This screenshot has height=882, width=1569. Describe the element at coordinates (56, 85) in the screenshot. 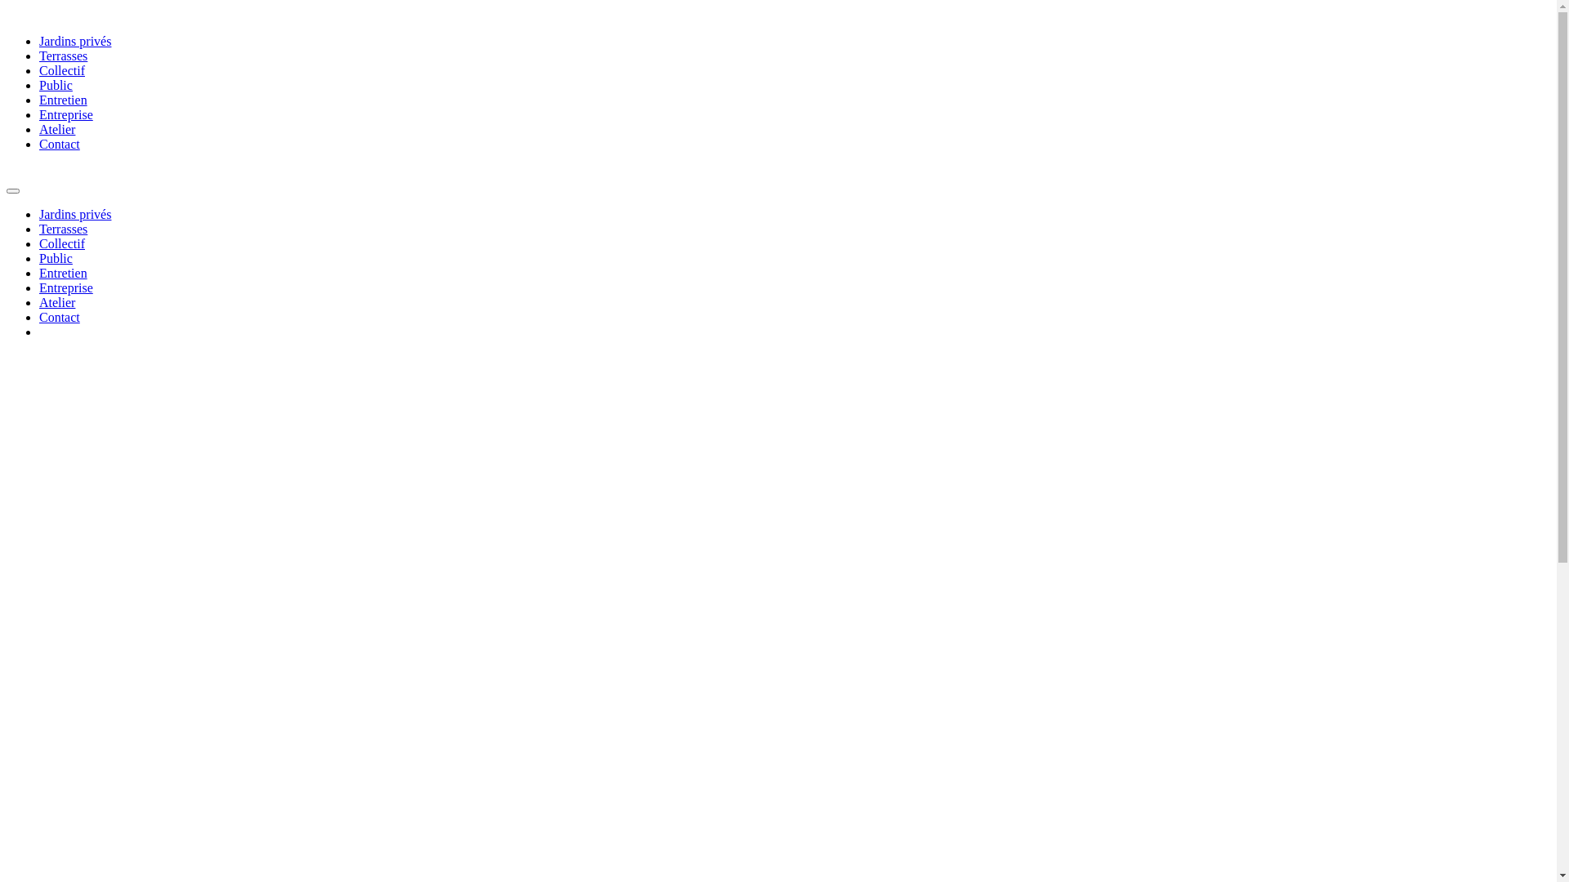

I see `'Public'` at that location.